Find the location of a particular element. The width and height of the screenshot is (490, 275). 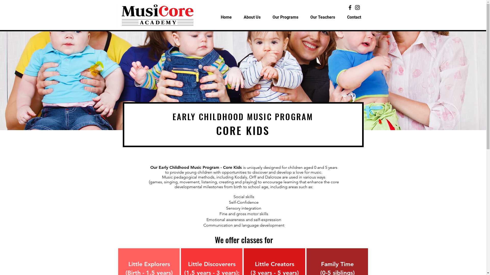

'Our Programs' is located at coordinates (266, 17).